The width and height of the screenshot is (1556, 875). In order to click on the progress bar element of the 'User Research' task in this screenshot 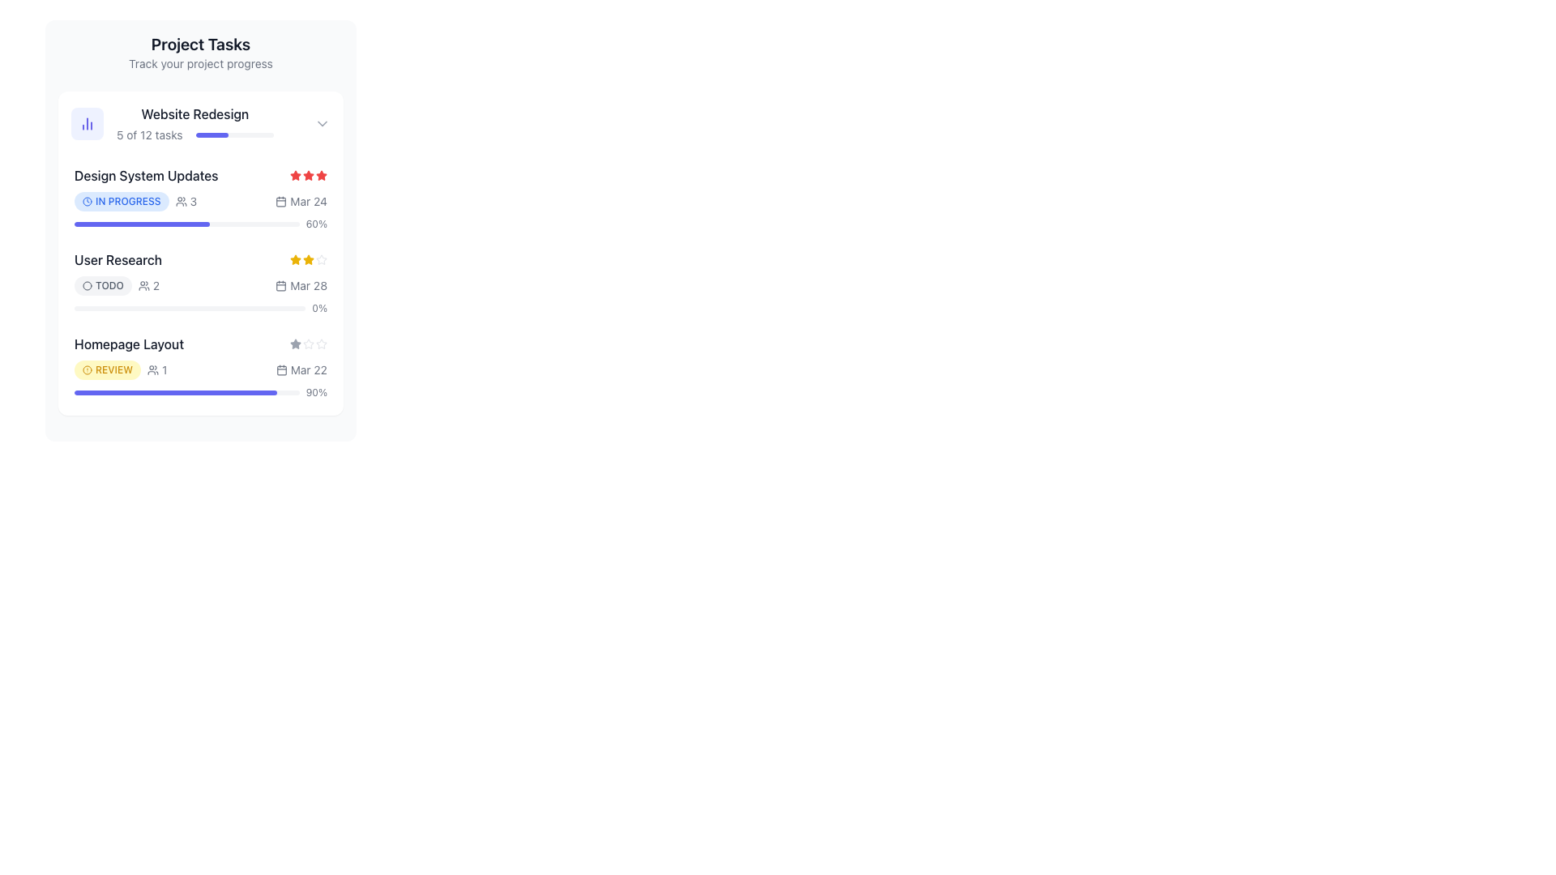, I will do `click(190, 309)`.